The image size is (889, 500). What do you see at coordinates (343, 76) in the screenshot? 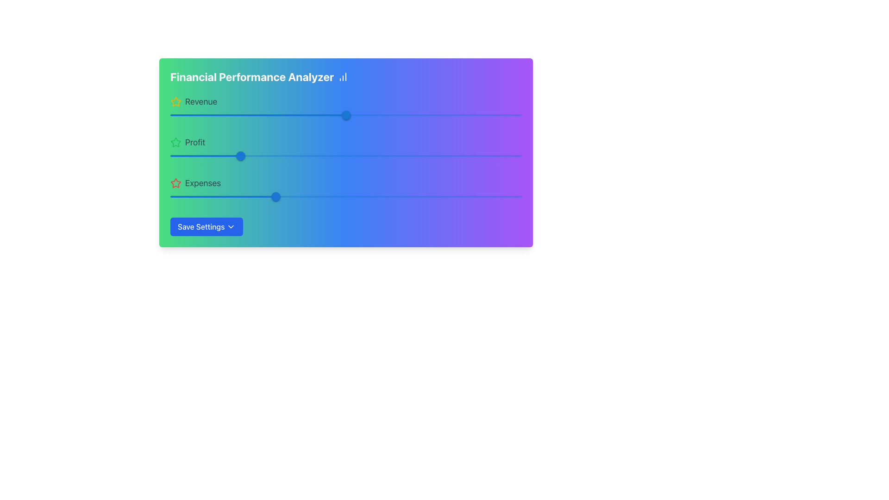
I see `the icon that visually represents data analysis or performance metrics, located to the right of the 'Financial Performance Analyzer' header in the section` at bounding box center [343, 76].